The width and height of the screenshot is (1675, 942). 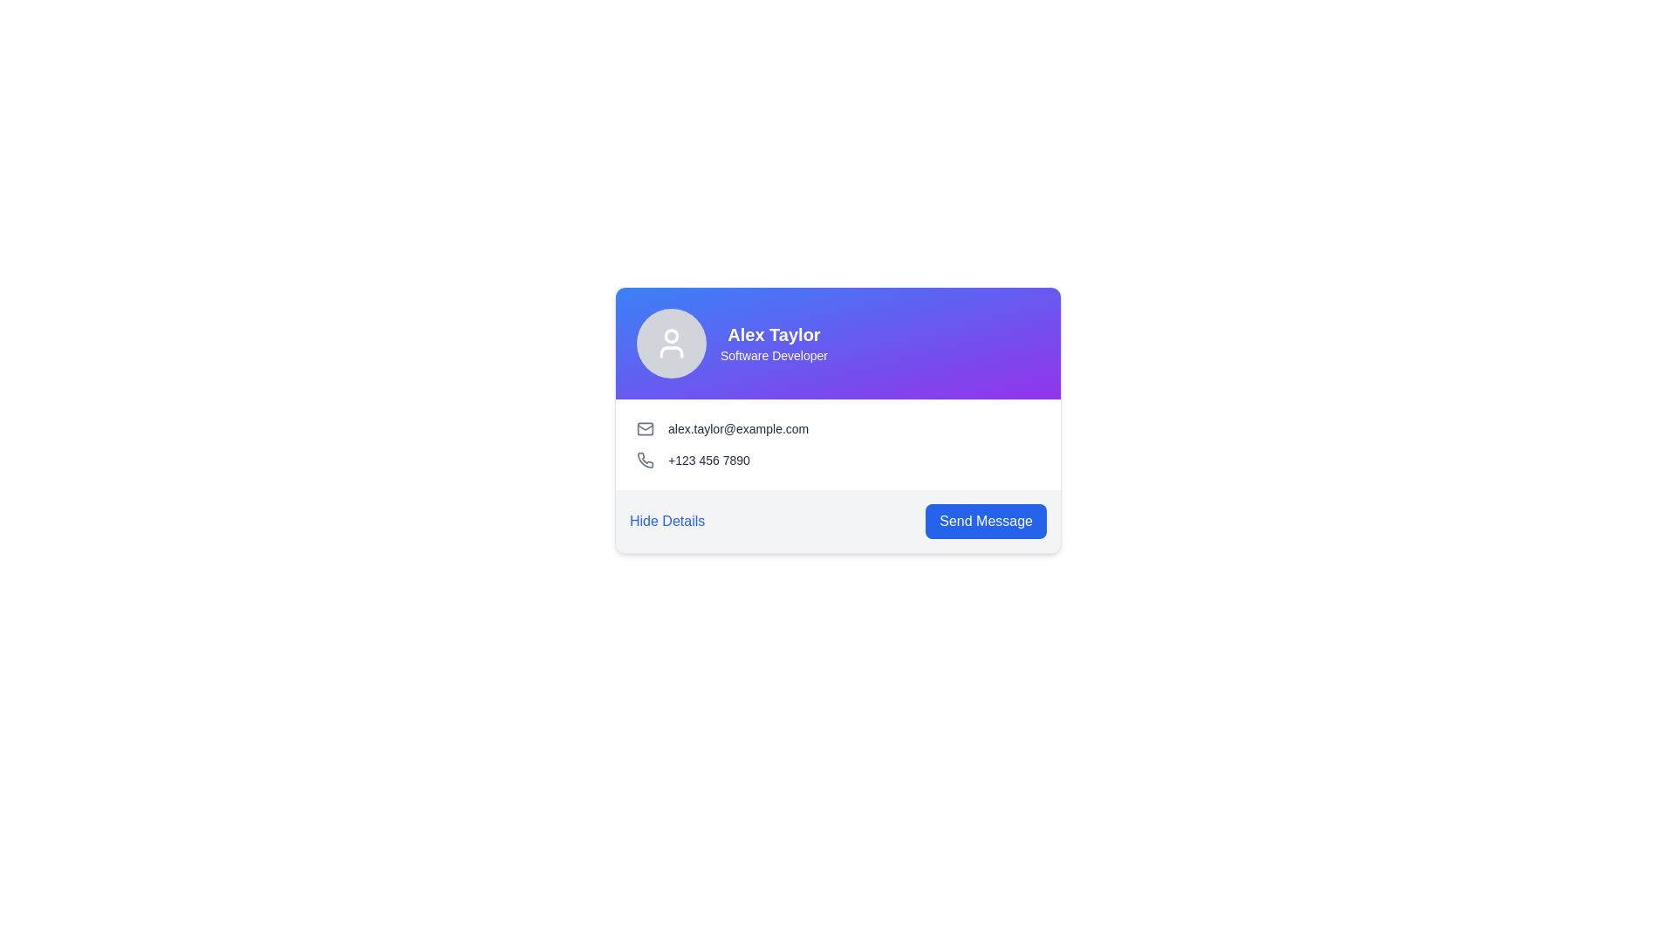 What do you see at coordinates (644, 460) in the screenshot?
I see `the small telephone icon in the contact information section, located adjacent to the phone number '+123 456 7890'` at bounding box center [644, 460].